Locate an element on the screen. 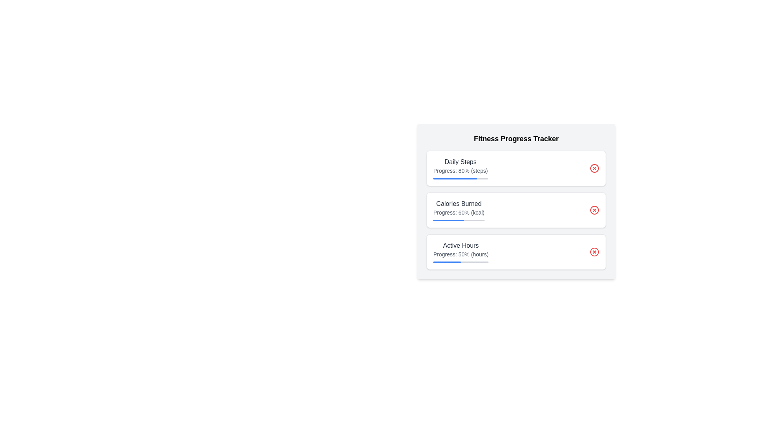 The height and width of the screenshot is (426, 757). textual information displayed in the daily steps progress tracker located at the top of the card, which includes the percentage and steps count is located at coordinates (516, 168).